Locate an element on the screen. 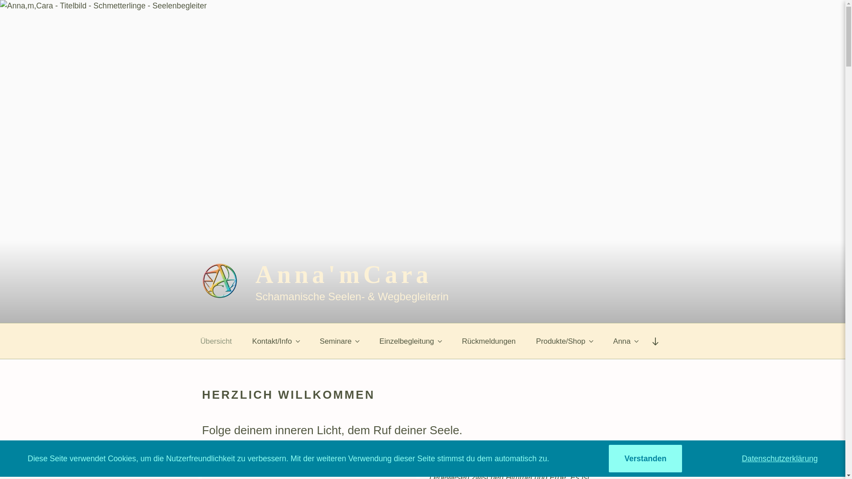 This screenshot has width=852, height=479. 'Anna'mCara' is located at coordinates (343, 274).